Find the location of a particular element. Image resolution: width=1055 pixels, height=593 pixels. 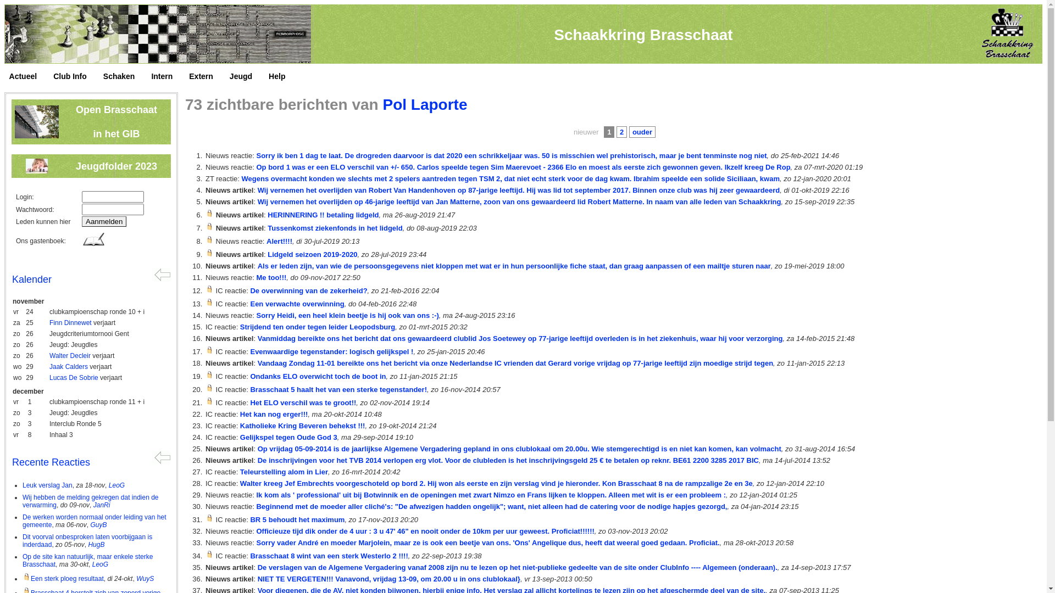

'Jaak Calders' is located at coordinates (68, 366).